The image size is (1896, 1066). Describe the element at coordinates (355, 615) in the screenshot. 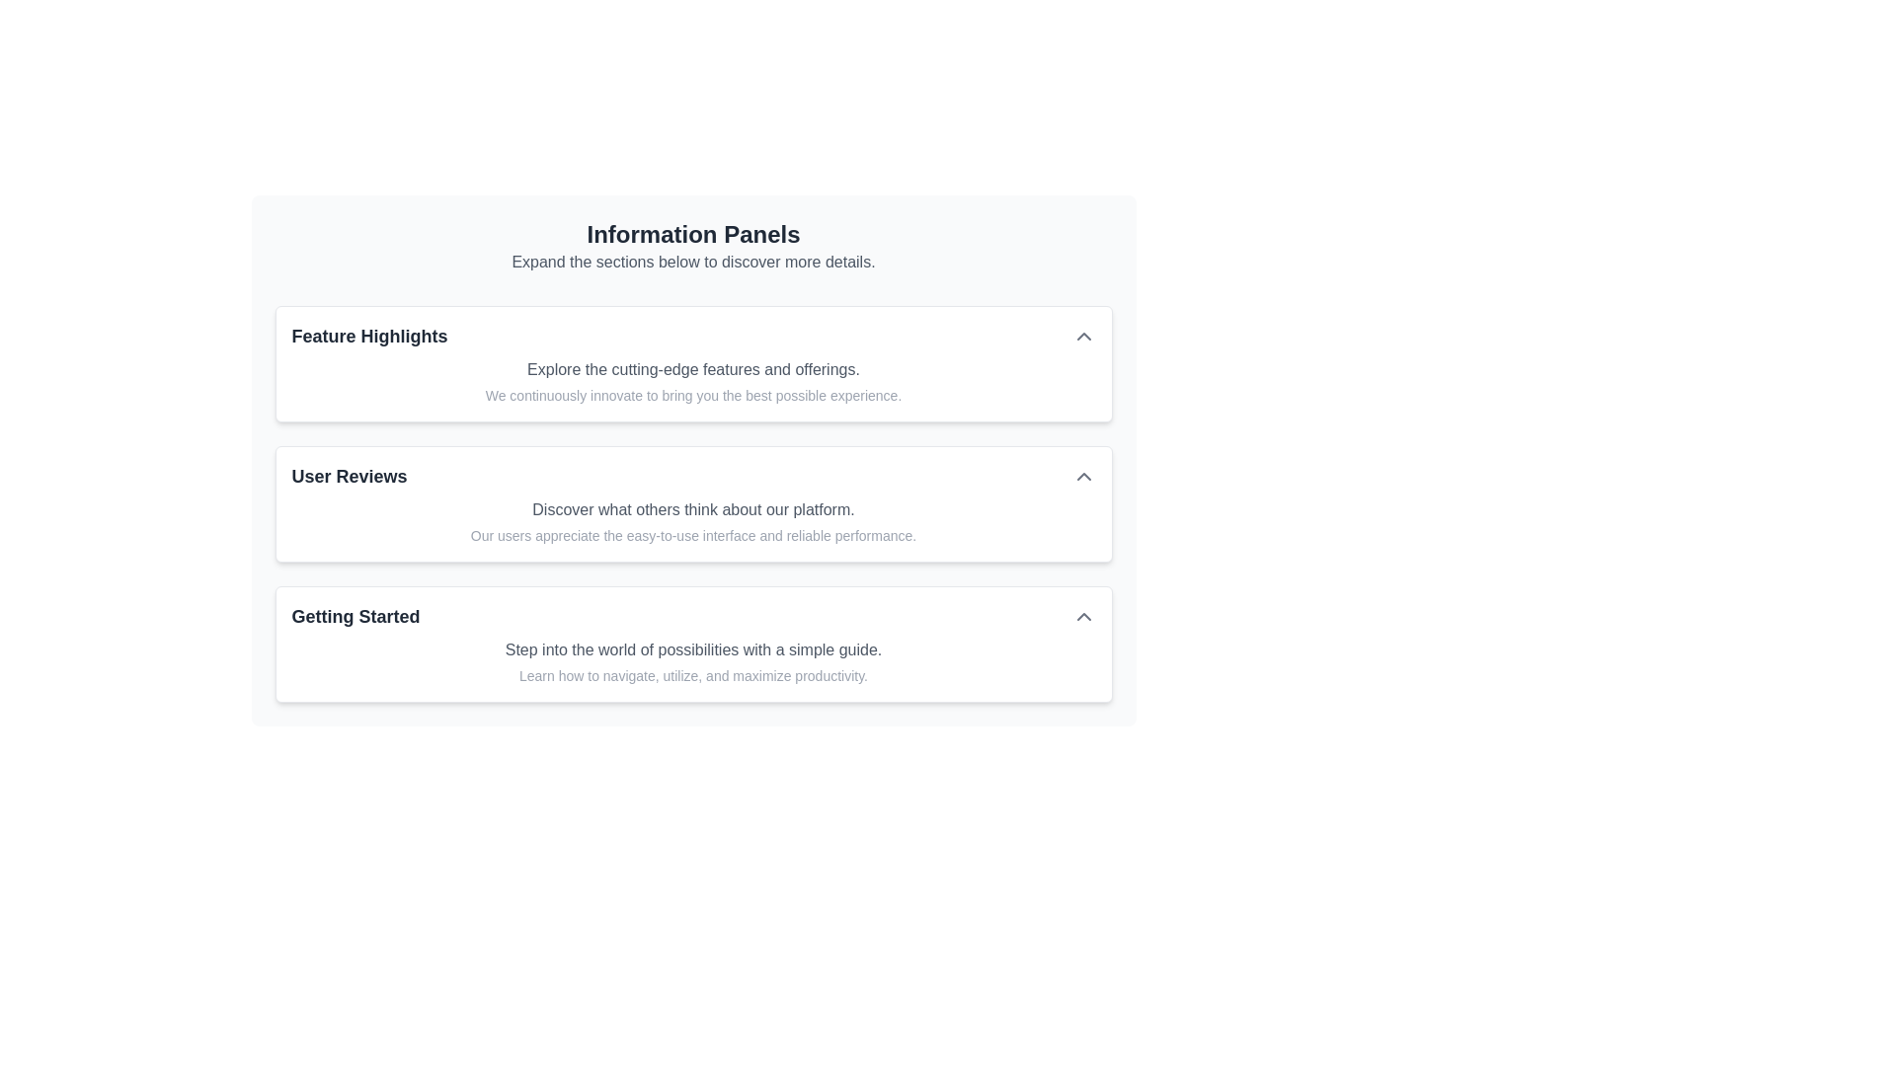

I see `the text label displaying 'Getting Started', which is styled in bold, sizable dark gray font, located in the third collapsible section of the interface` at that location.